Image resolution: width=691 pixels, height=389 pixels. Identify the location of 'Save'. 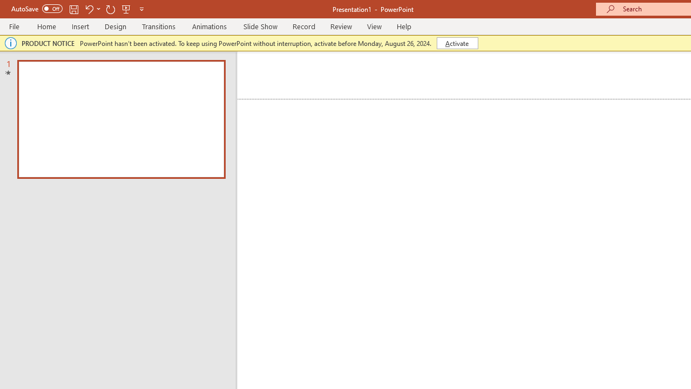
(73, 9).